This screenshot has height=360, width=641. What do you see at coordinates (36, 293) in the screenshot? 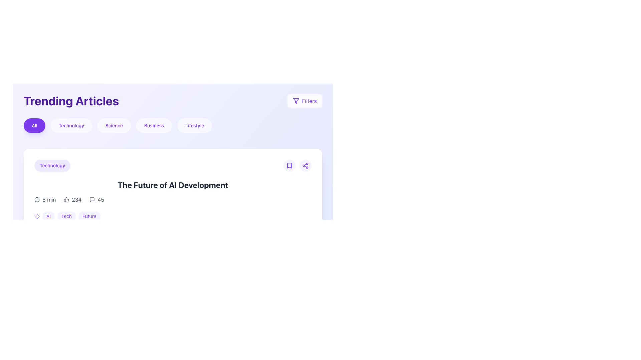
I see `the time-related icon located to the left of the '5 min' label by moving the cursor to its center point` at bounding box center [36, 293].